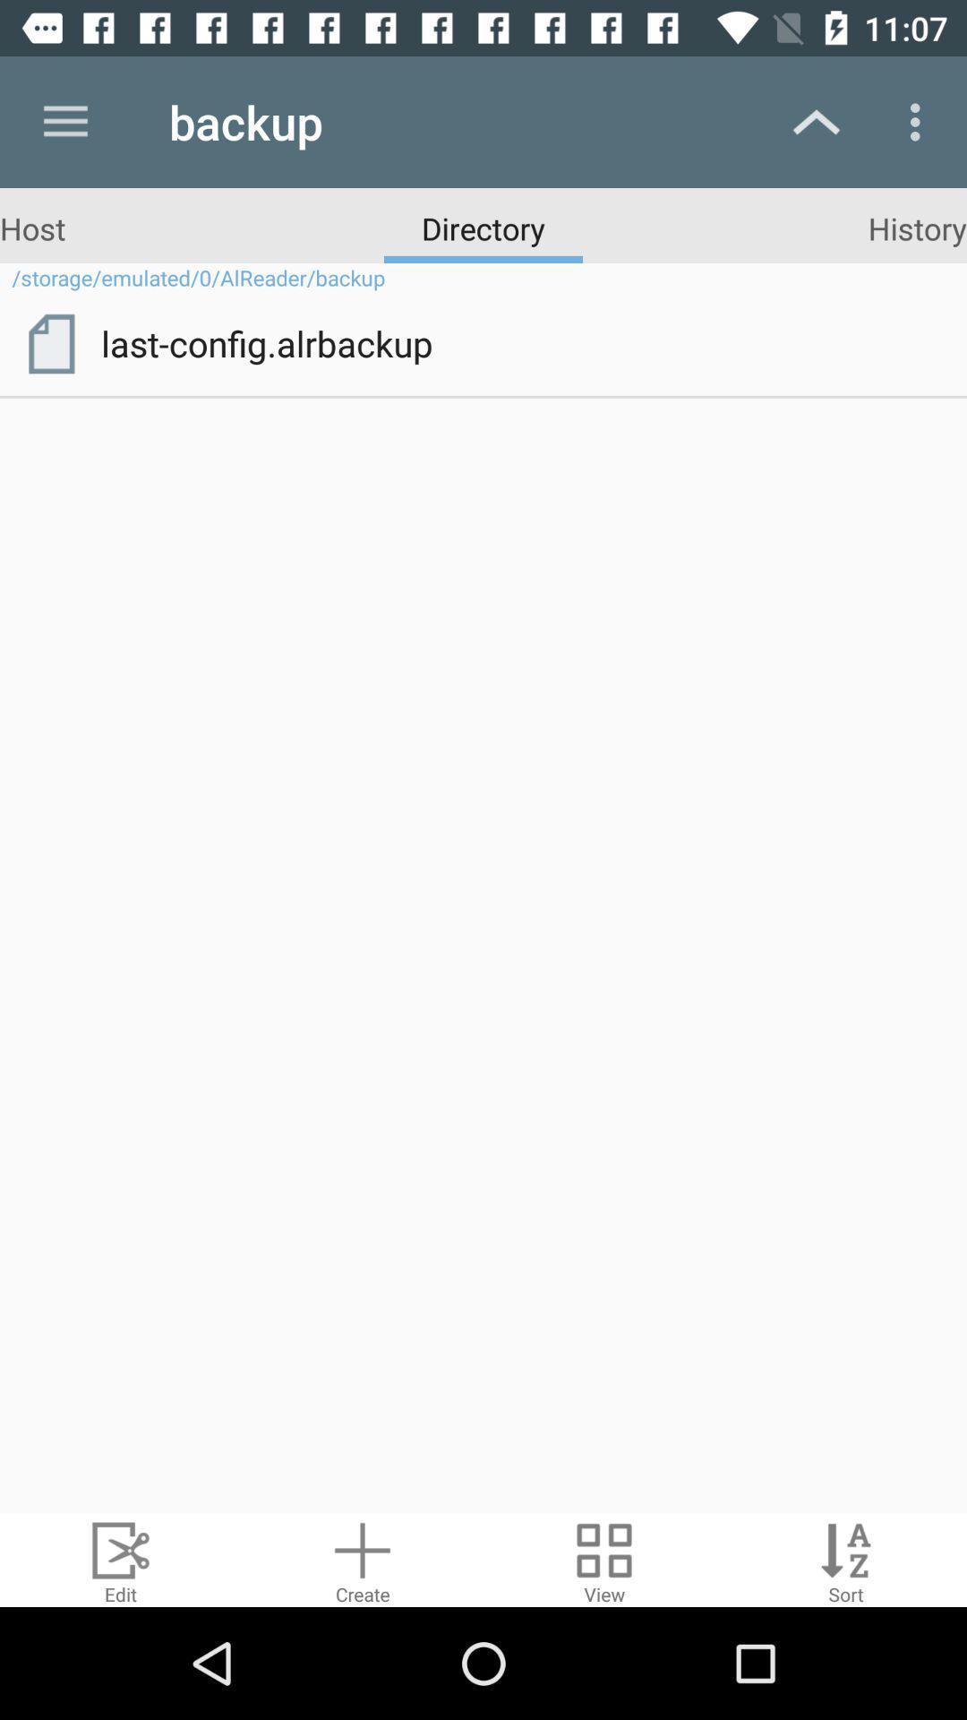 The width and height of the screenshot is (967, 1720). Describe the element at coordinates (121, 1559) in the screenshot. I see `edit` at that location.